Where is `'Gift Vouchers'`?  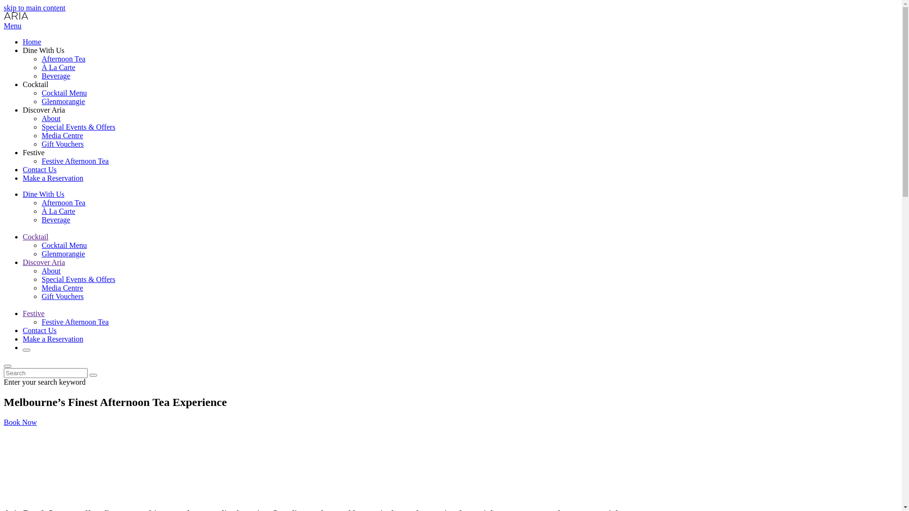 'Gift Vouchers' is located at coordinates (62, 296).